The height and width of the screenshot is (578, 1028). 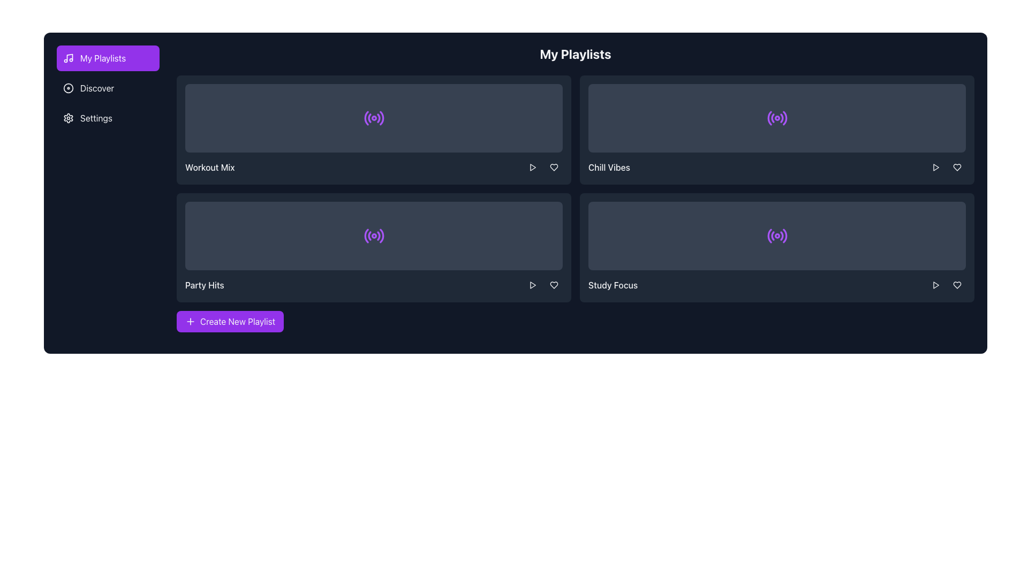 What do you see at coordinates (784, 235) in the screenshot?
I see `the thick purple curve forming part of the wave-like design within the circular icon on the right side of the 'Study Focus' playlist card` at bounding box center [784, 235].